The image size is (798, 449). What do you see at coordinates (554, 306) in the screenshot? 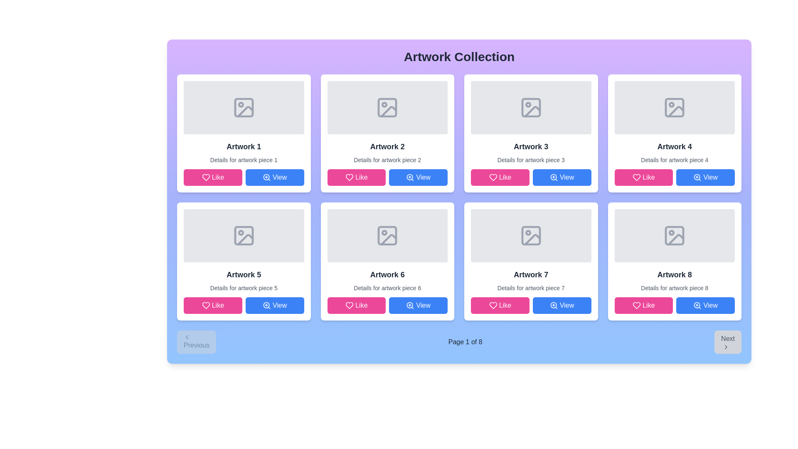
I see `the magnifying glass icon with a plus sign at the center, which is part of the blue button labeled 'View' located at the bottom-right corner of the card for 'Artwork 7.'` at bounding box center [554, 306].